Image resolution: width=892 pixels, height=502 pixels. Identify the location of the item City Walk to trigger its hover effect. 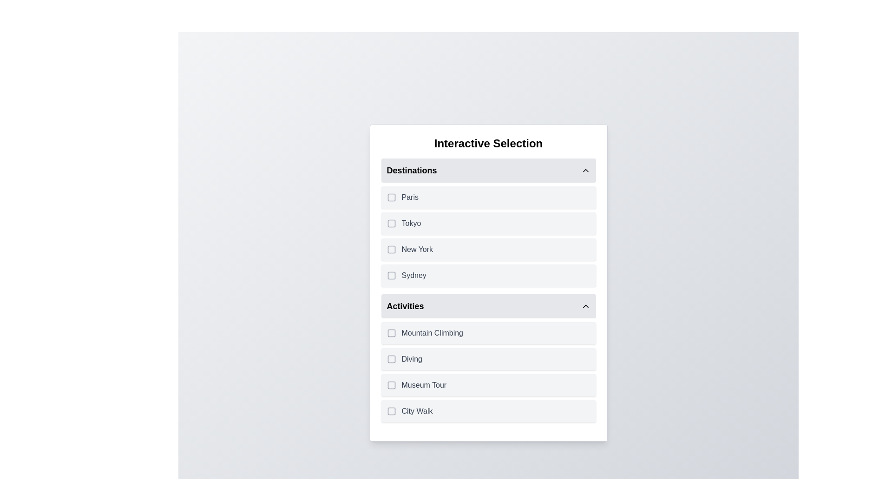
(488, 410).